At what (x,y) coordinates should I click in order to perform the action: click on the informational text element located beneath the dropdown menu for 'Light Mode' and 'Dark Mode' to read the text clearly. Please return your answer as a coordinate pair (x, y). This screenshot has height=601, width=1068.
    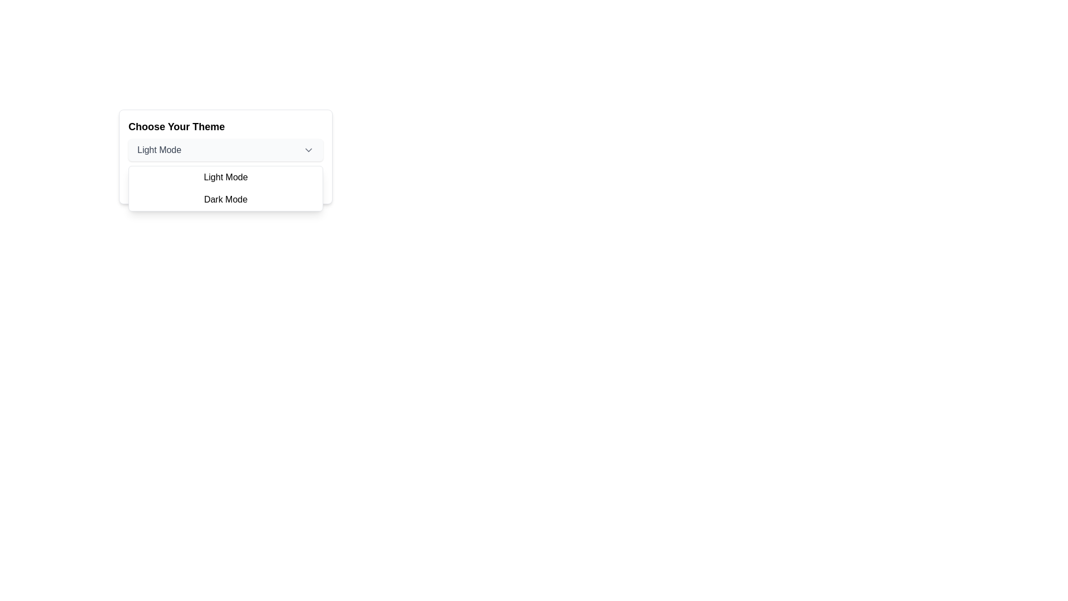
    Looking at the image, I should click on (225, 181).